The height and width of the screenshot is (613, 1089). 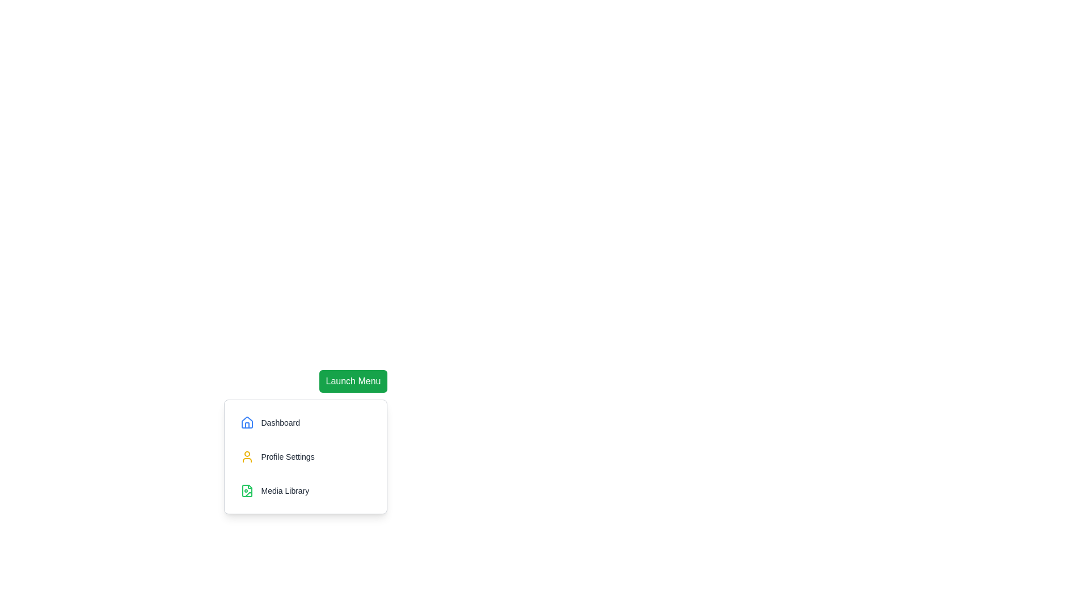 What do you see at coordinates (306, 456) in the screenshot?
I see `the 'Profile Settings' Navigation List Item, which features a yellow user icon and dark gray text` at bounding box center [306, 456].